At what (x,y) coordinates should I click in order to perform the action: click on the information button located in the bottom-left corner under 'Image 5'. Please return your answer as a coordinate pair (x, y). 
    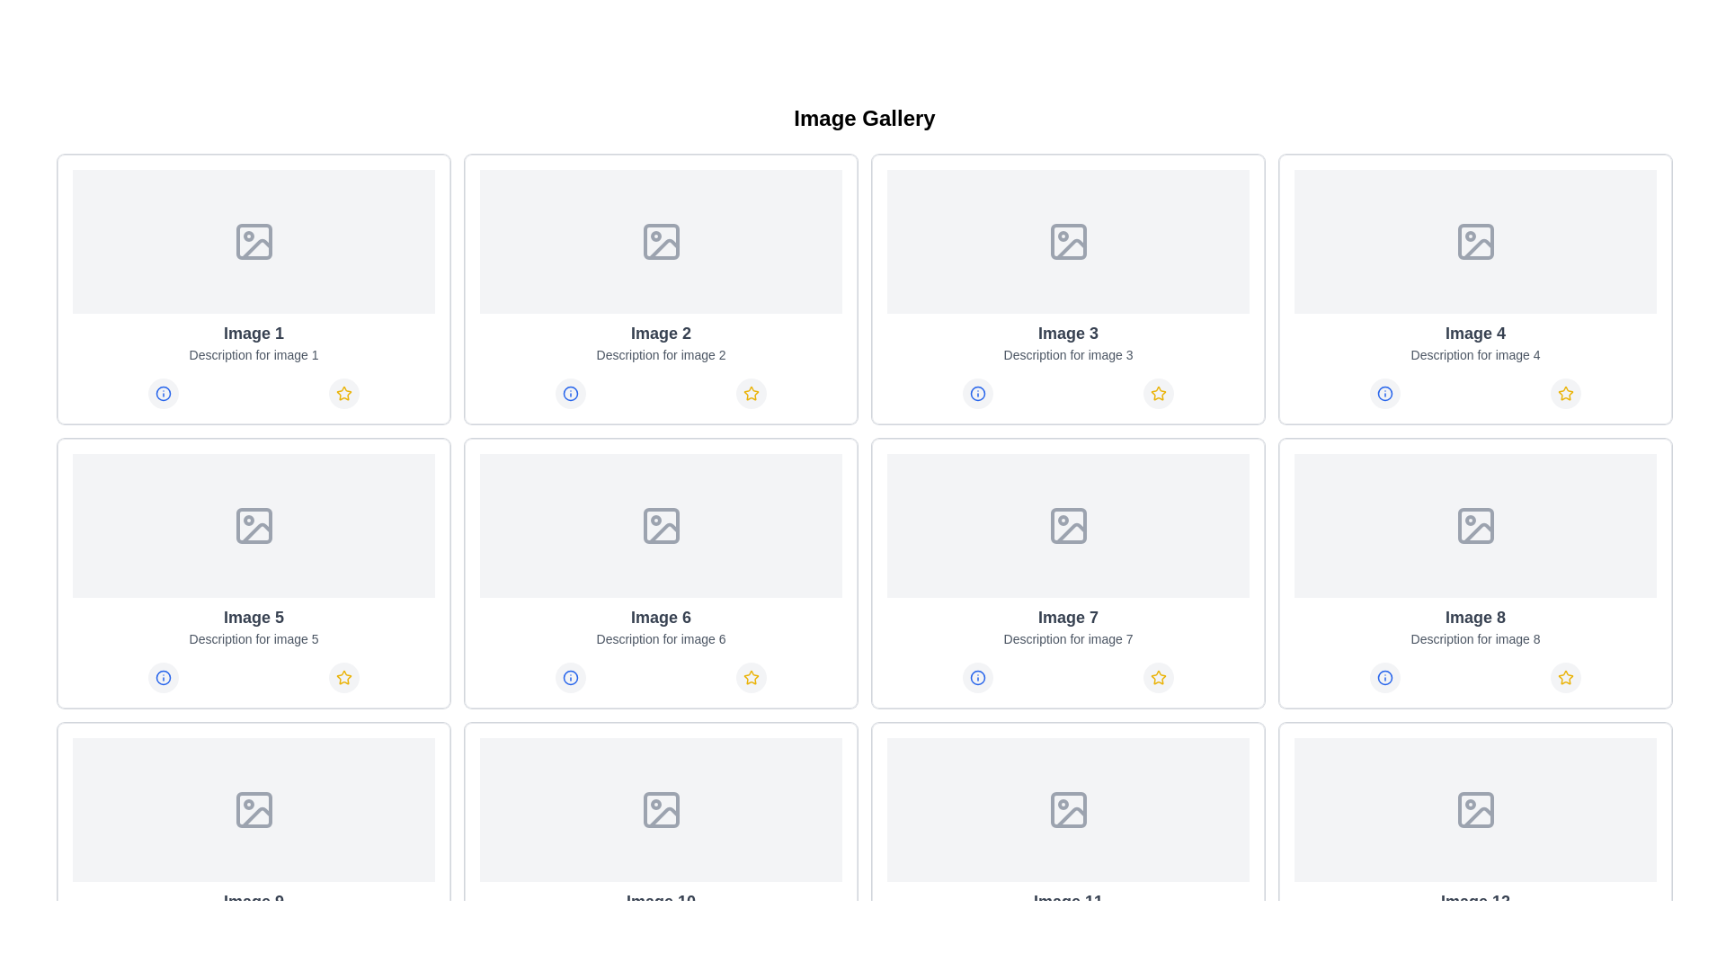
    Looking at the image, I should click on (163, 677).